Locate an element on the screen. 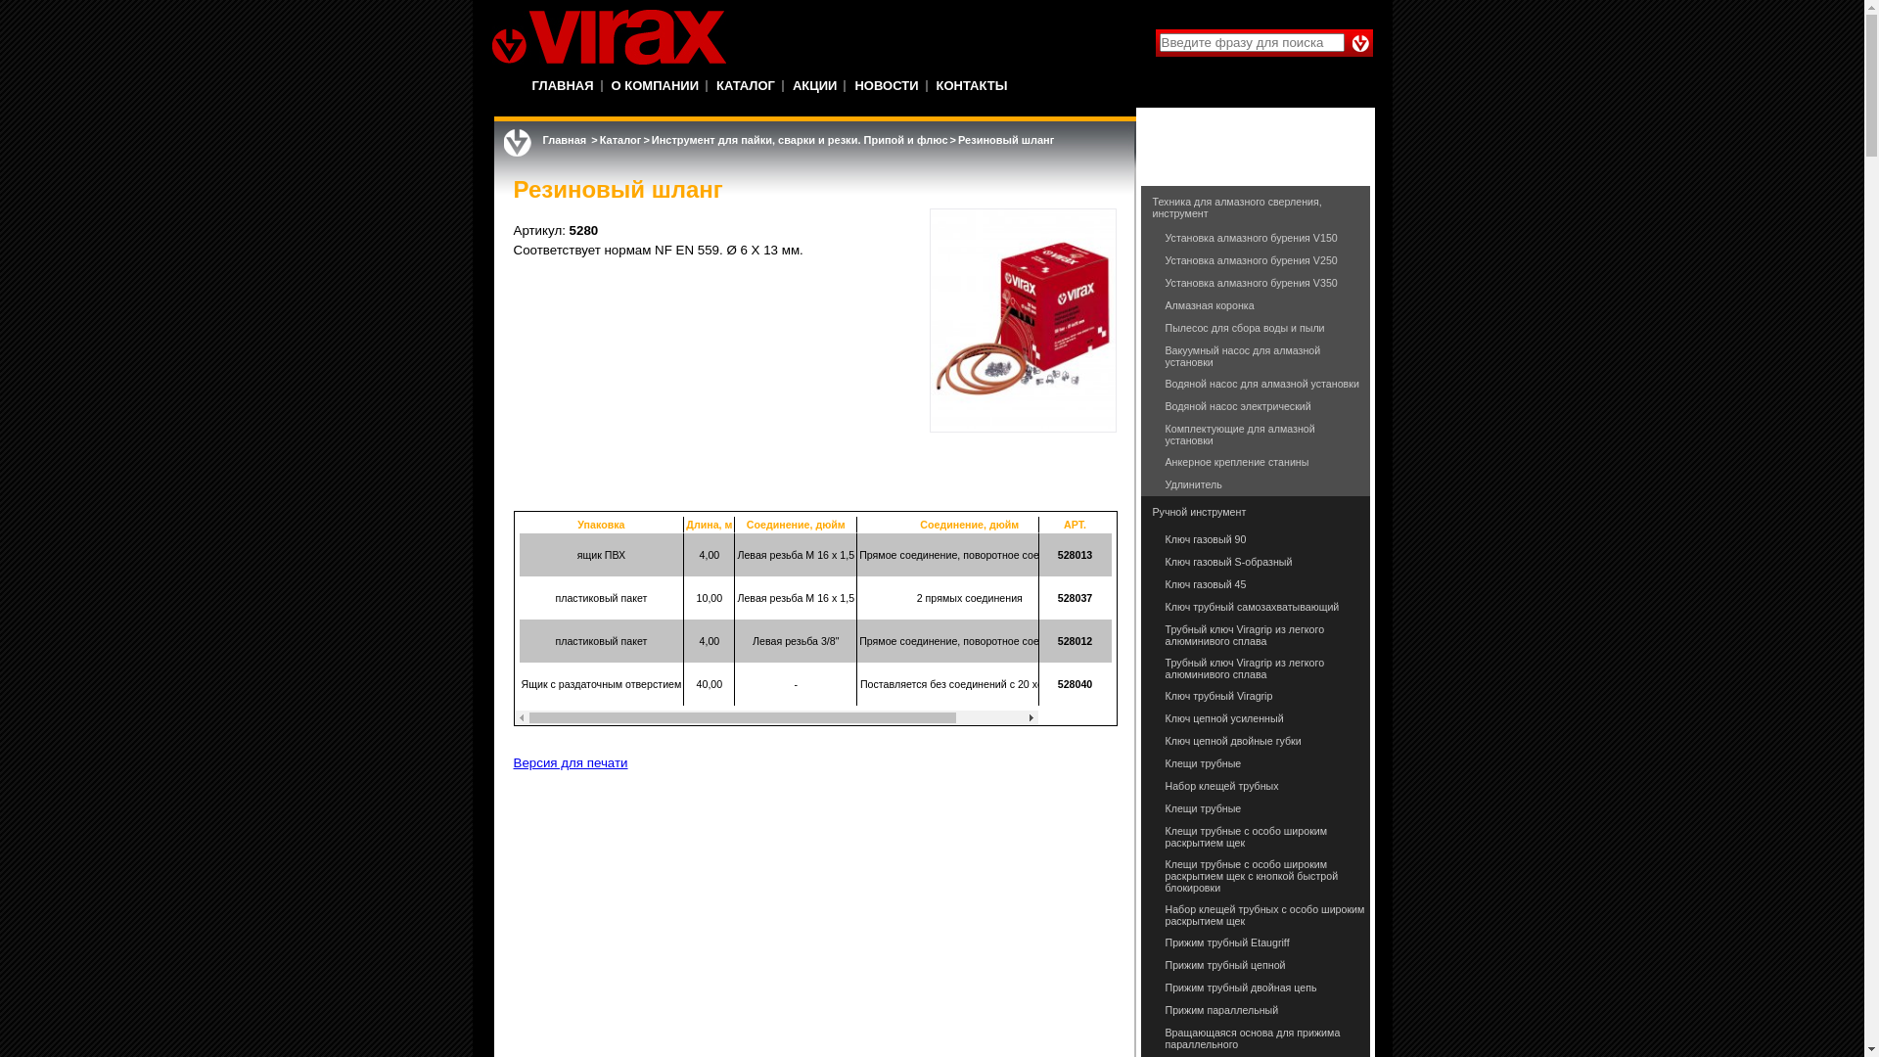 This screenshot has height=1057, width=1879. 'Virax' is located at coordinates (607, 37).